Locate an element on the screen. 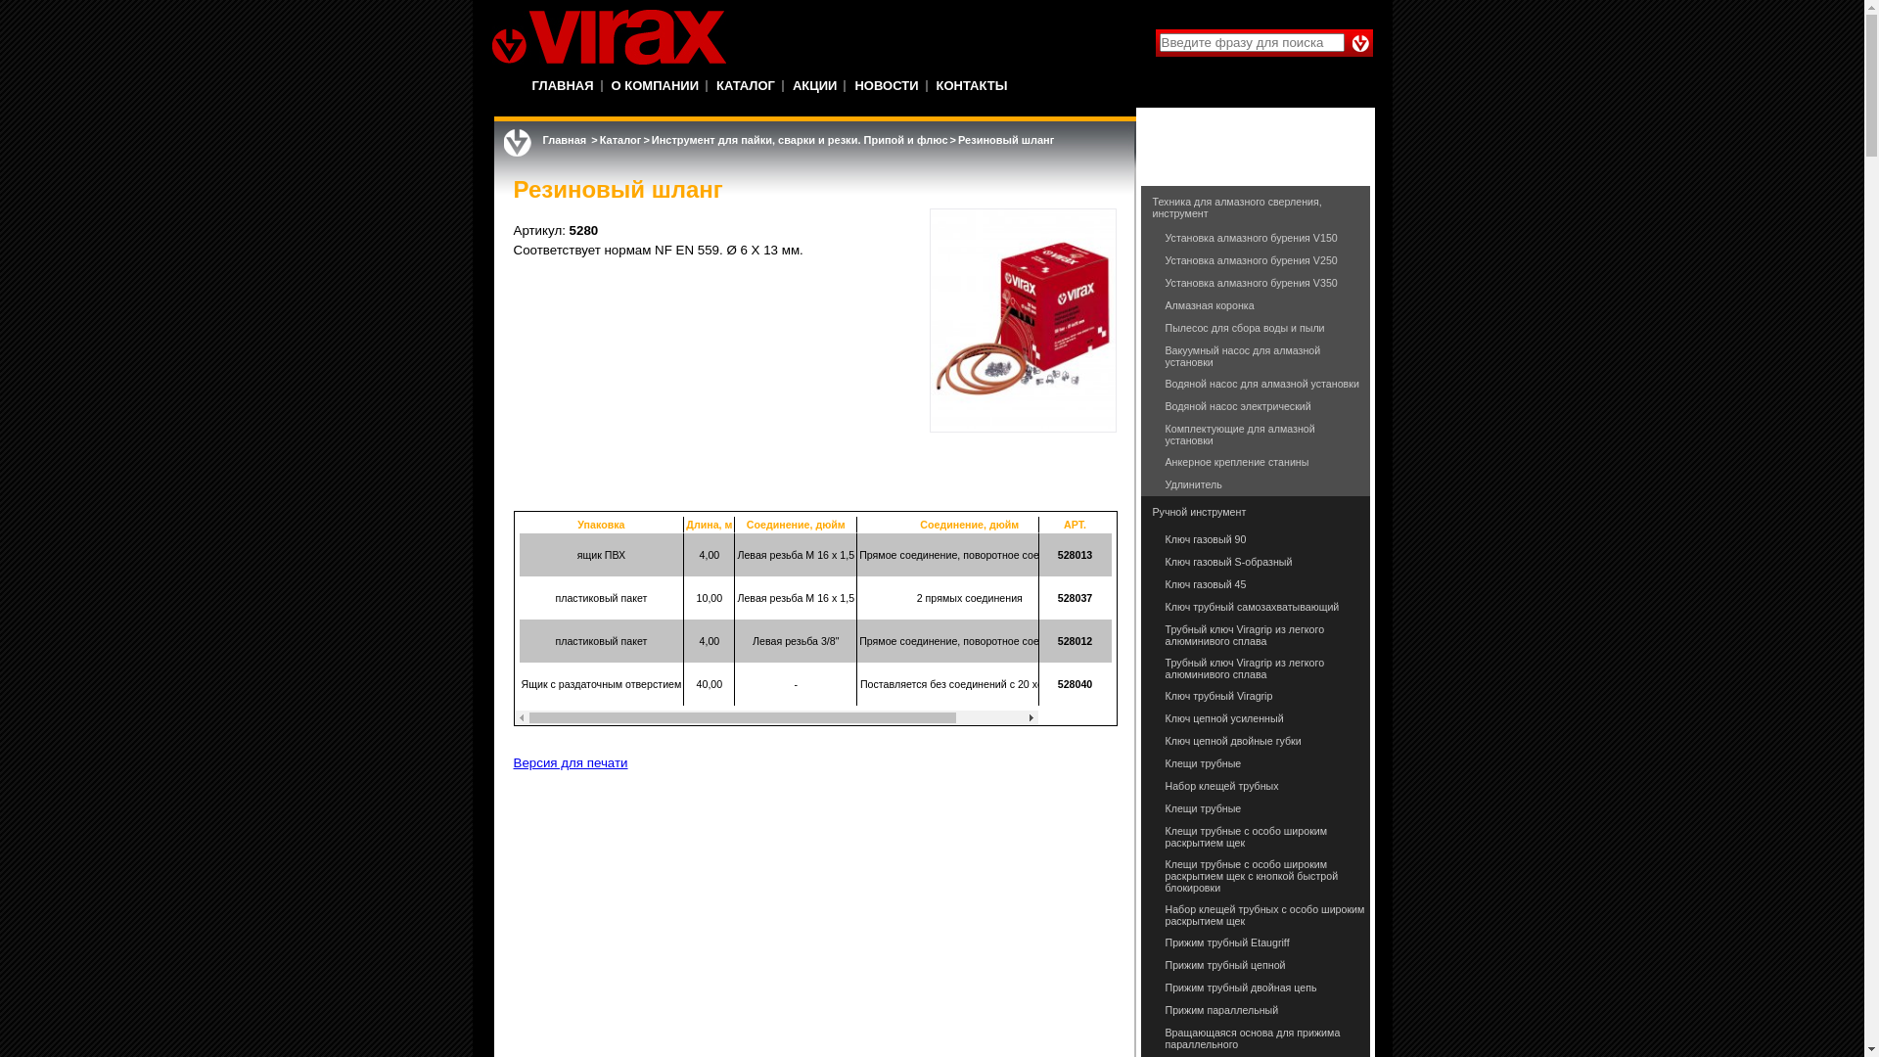 This screenshot has height=1057, width=1879. 'Virax' is located at coordinates (607, 37).